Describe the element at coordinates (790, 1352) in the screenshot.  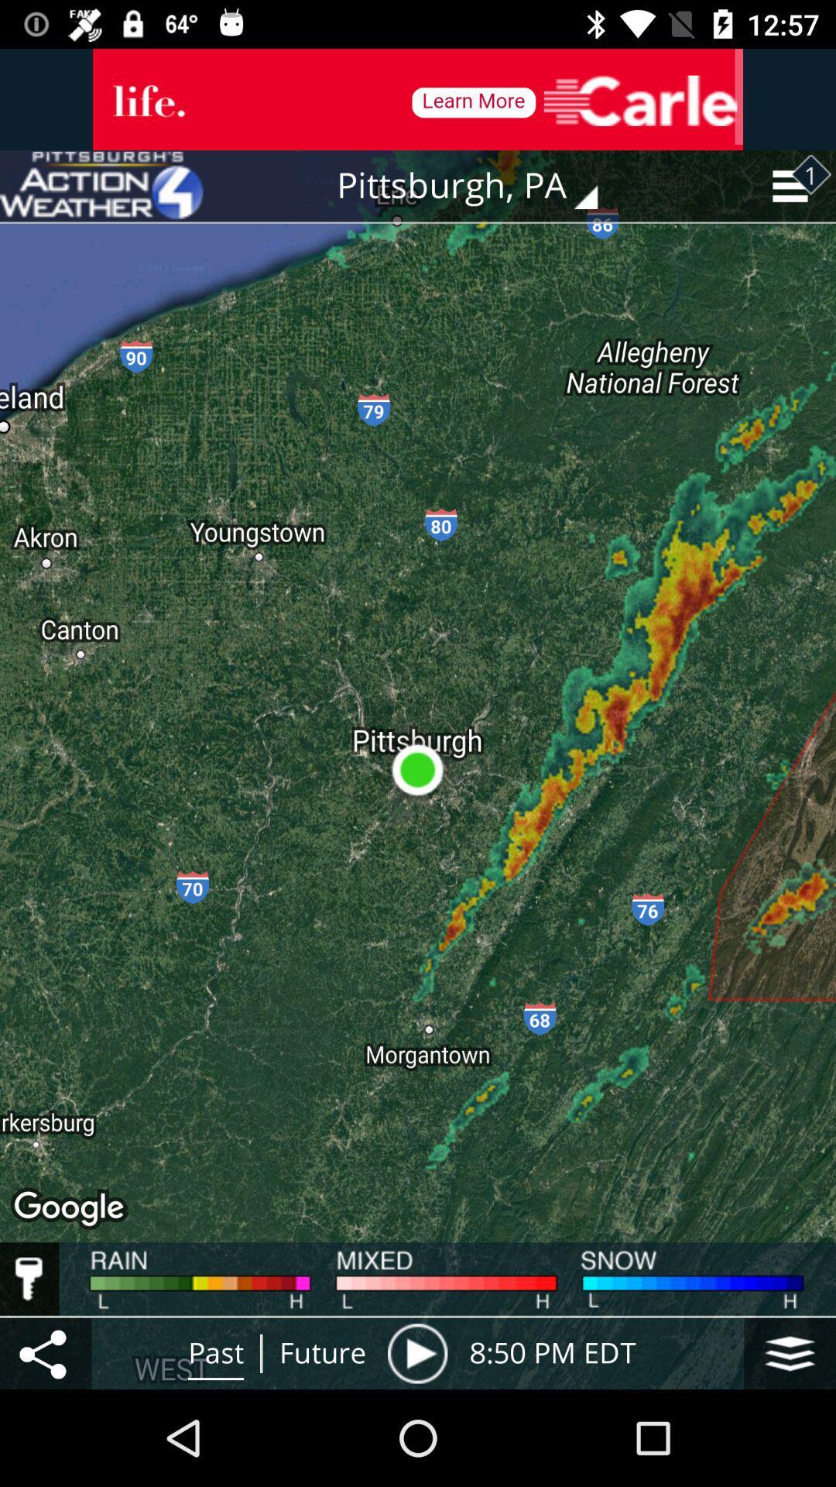
I see `the icon next to the 8 50 pm item` at that location.